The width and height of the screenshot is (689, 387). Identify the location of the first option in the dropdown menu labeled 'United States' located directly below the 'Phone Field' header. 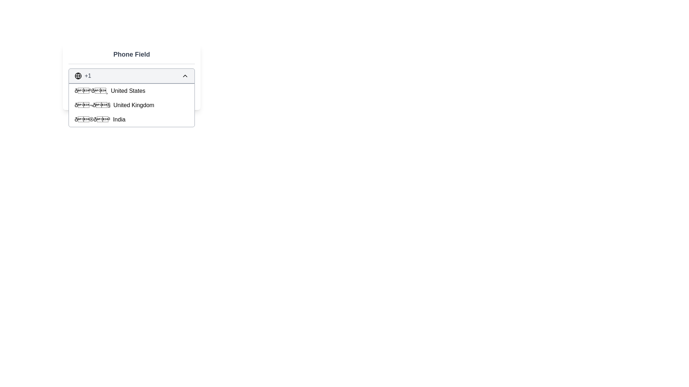
(131, 91).